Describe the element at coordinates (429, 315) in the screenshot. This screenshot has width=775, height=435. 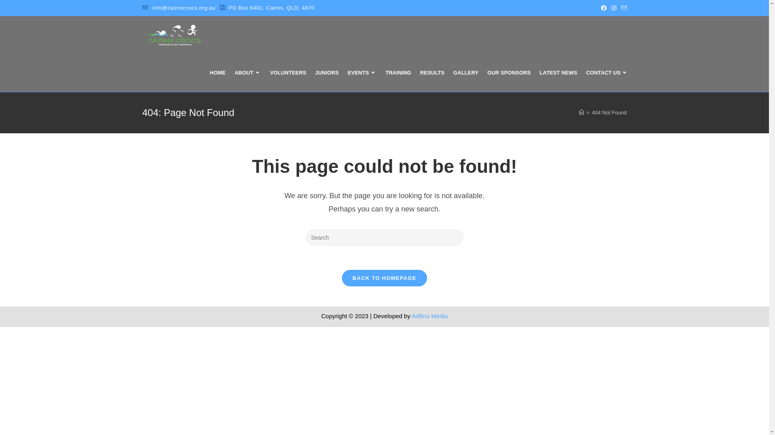
I see `'Adllins Media'` at that location.